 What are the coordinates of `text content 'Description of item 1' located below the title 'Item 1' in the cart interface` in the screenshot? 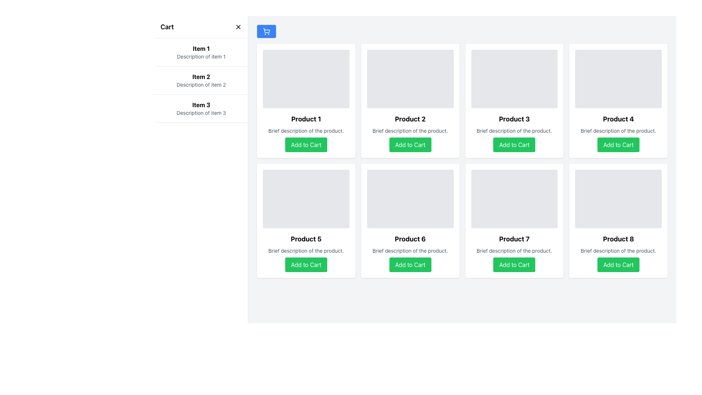 It's located at (201, 56).